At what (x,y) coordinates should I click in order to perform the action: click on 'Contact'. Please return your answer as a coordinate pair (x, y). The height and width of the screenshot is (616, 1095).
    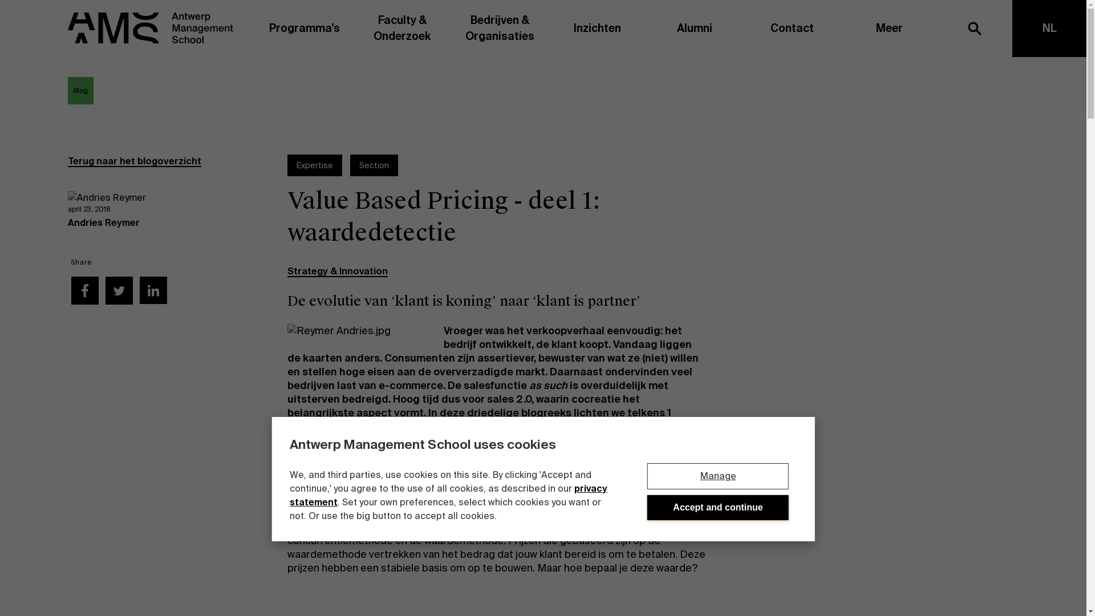
    Looking at the image, I should click on (791, 28).